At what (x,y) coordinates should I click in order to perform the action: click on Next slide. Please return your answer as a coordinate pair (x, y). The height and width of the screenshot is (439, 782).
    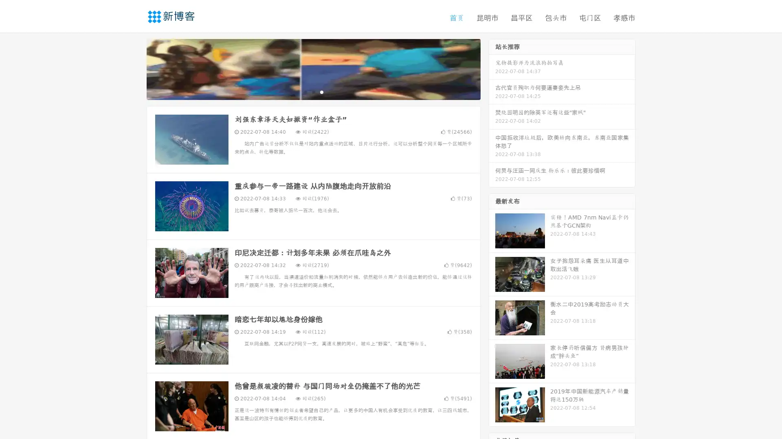
    Looking at the image, I should click on (492, 68).